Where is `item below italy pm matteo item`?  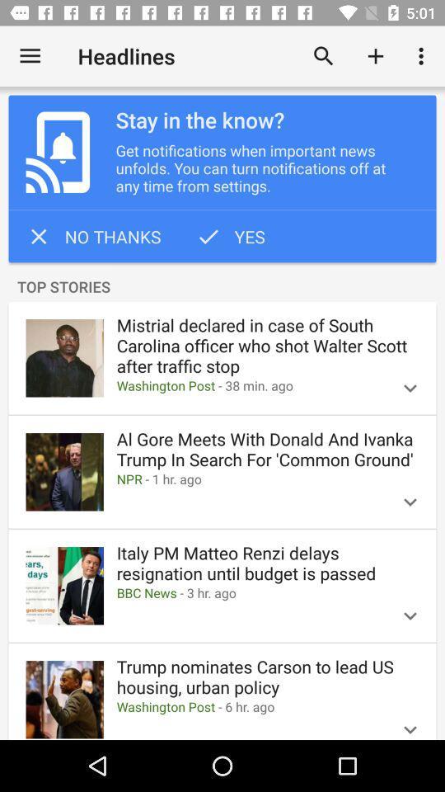
item below italy pm matteo item is located at coordinates (247, 593).